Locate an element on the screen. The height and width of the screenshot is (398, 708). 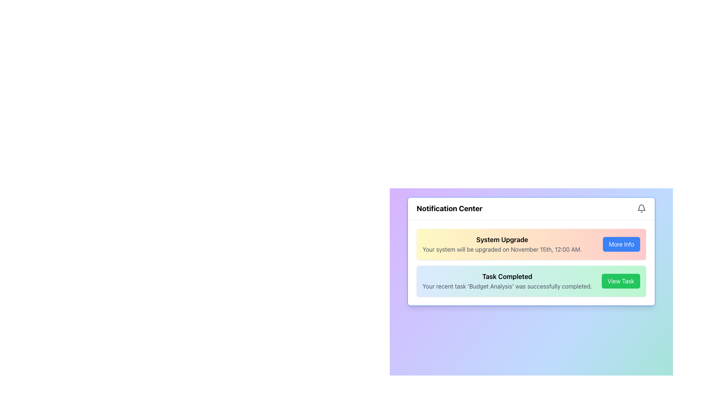
the 'Task Completed' text label located at the top-center of the green notification card is located at coordinates (507, 277).